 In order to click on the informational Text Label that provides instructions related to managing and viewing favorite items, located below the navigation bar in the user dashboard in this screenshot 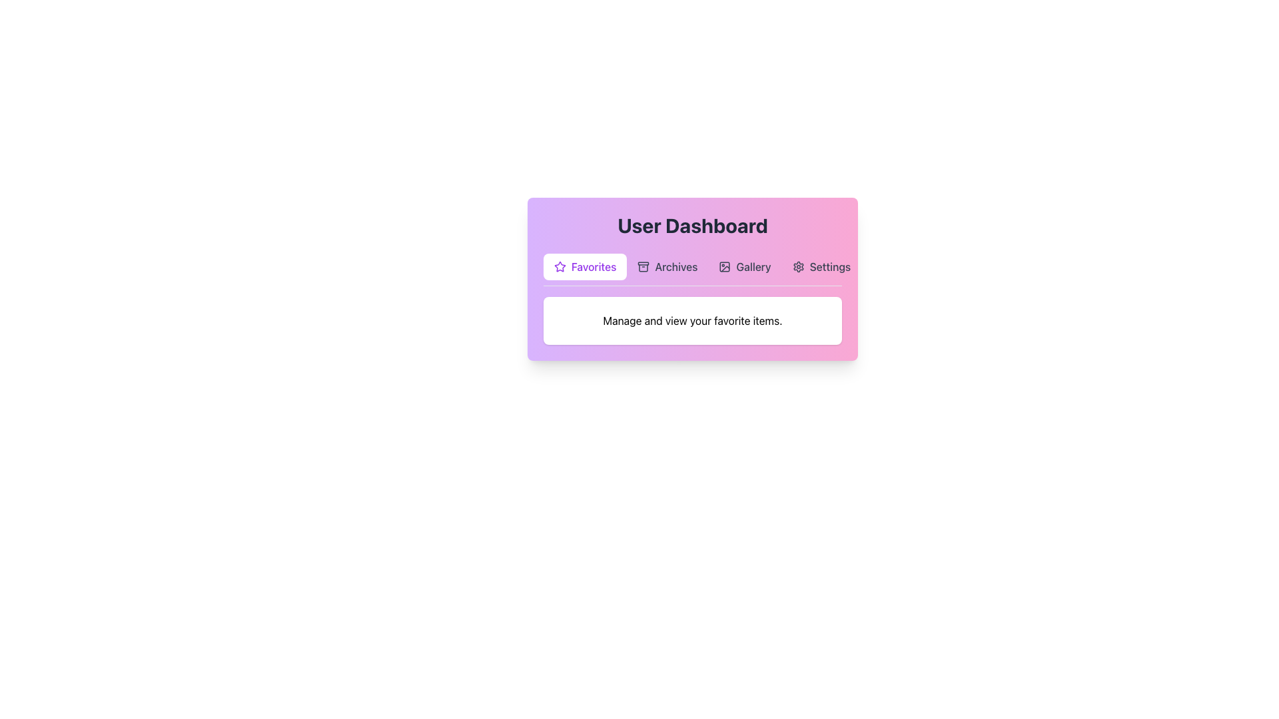, I will do `click(693, 321)`.